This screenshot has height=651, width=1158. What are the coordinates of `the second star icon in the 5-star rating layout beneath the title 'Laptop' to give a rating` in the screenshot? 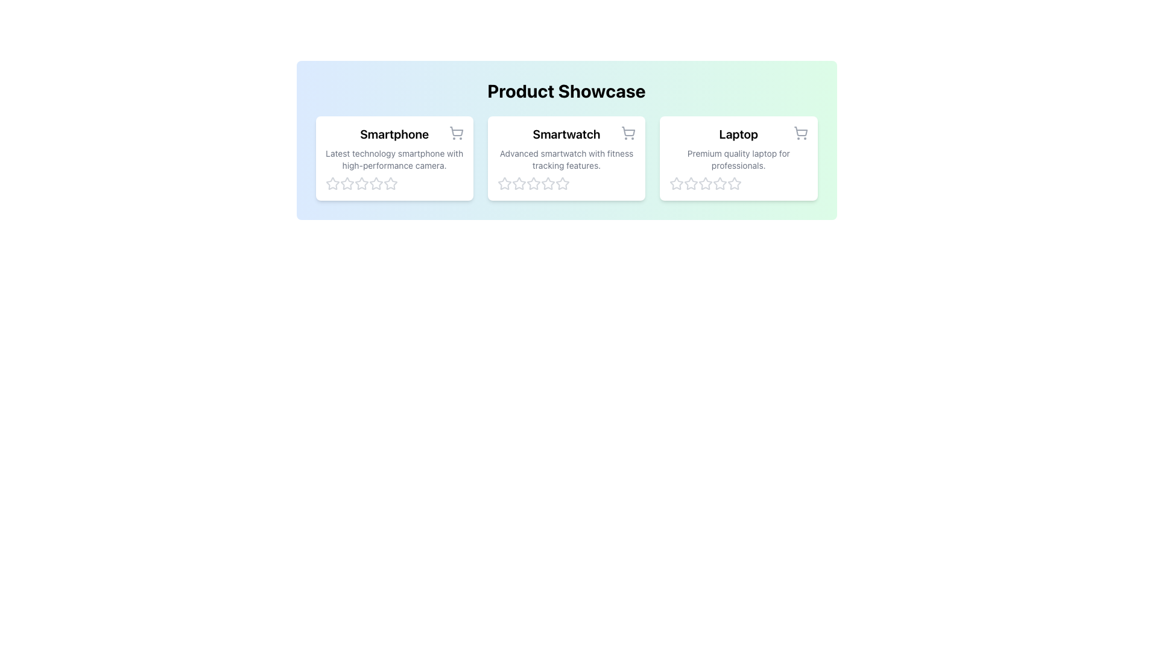 It's located at (691, 183).